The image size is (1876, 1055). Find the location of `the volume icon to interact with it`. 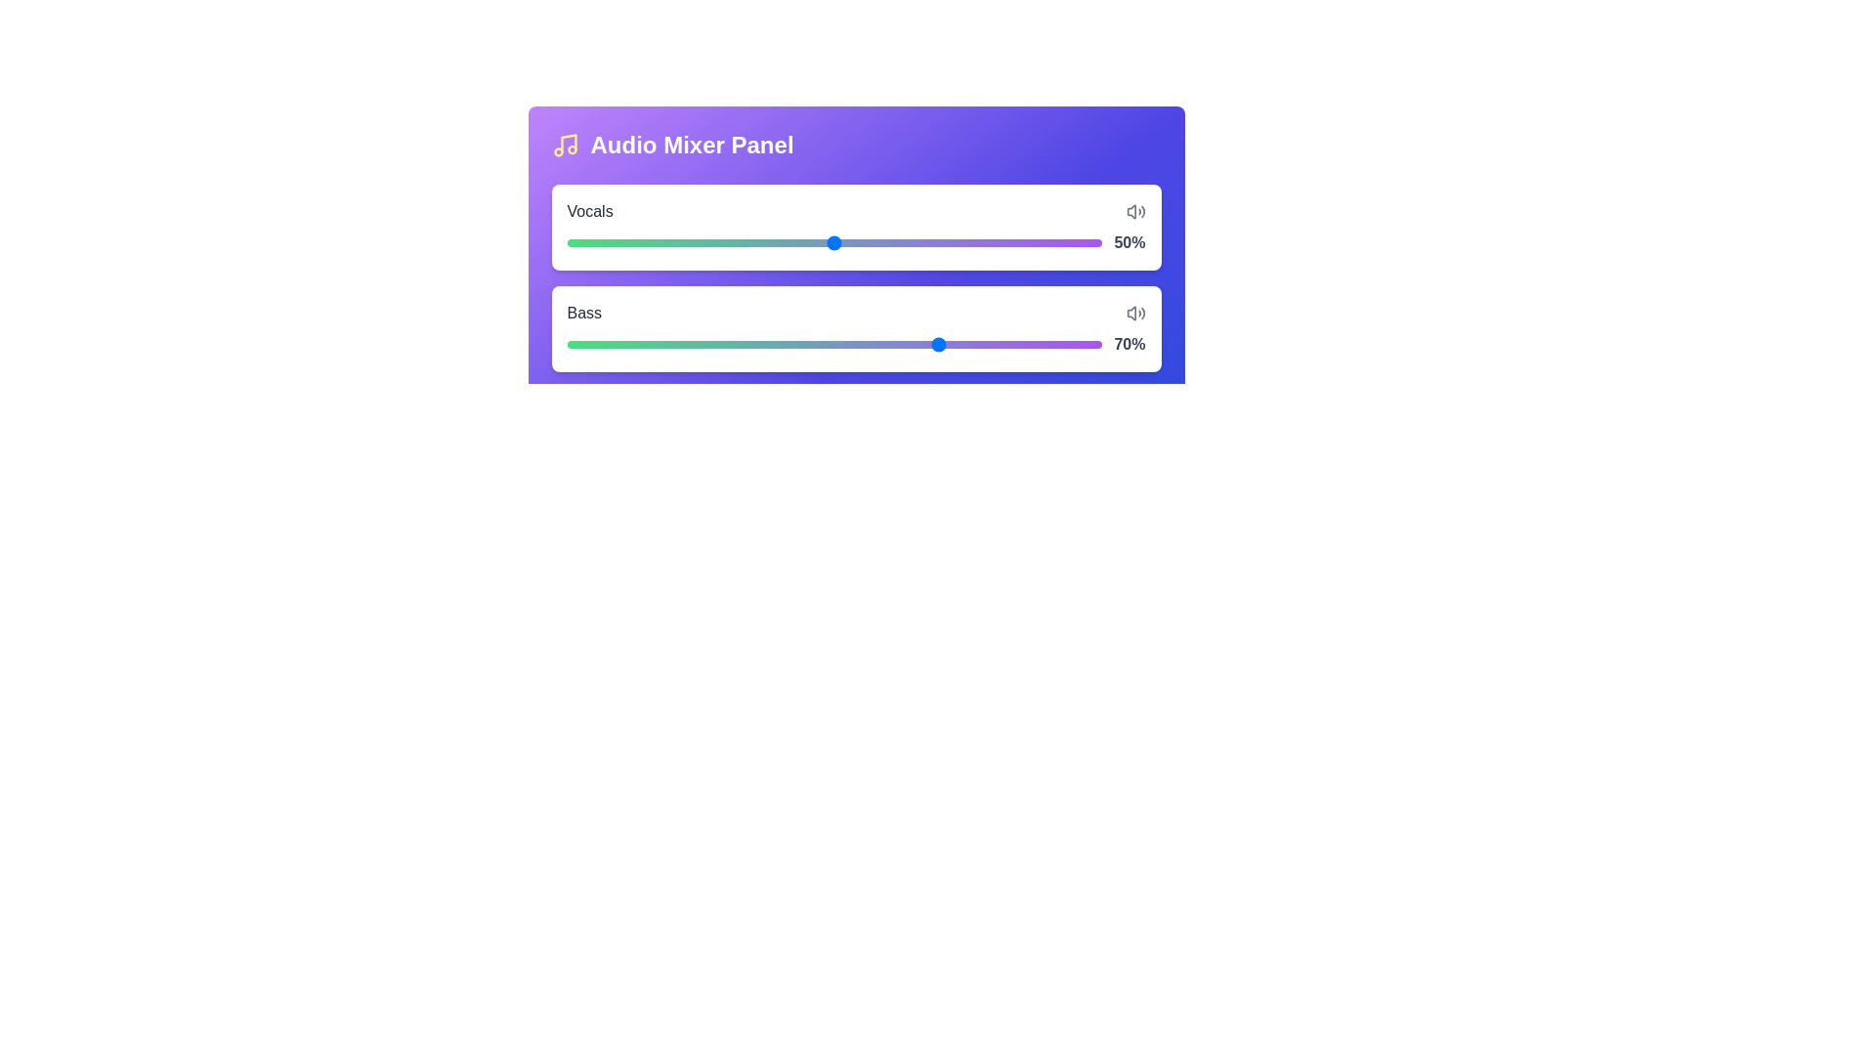

the volume icon to interact with it is located at coordinates (1135, 211).